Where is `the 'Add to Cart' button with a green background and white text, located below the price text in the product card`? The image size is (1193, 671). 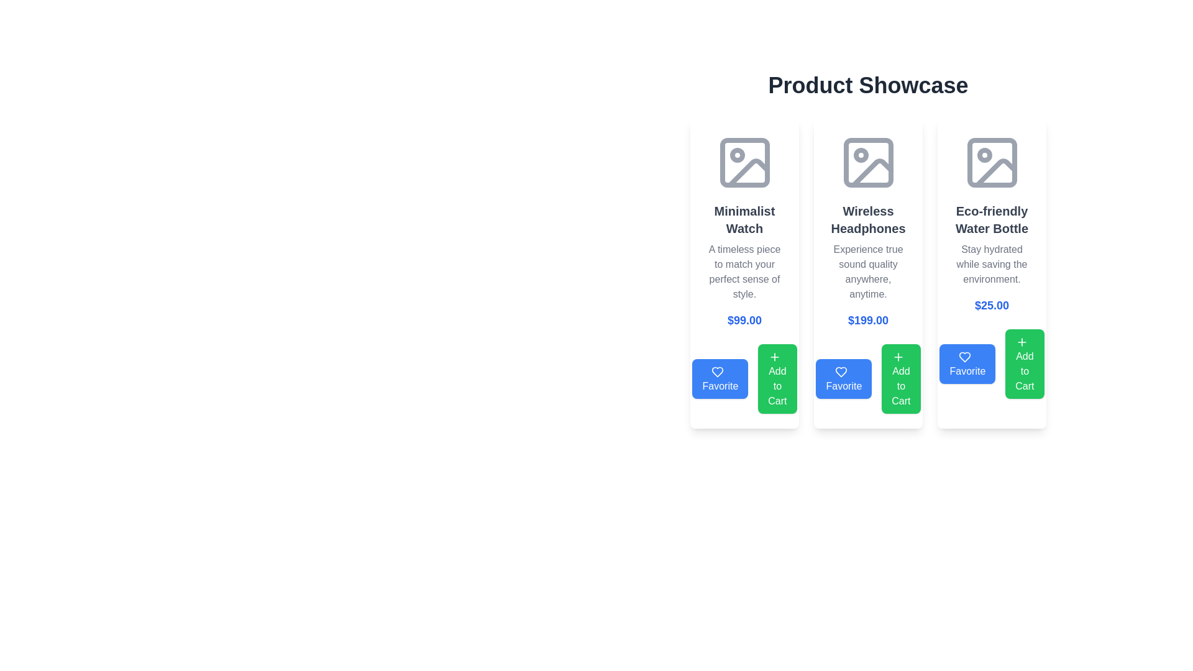 the 'Add to Cart' button with a green background and white text, located below the price text in the product card is located at coordinates (777, 378).